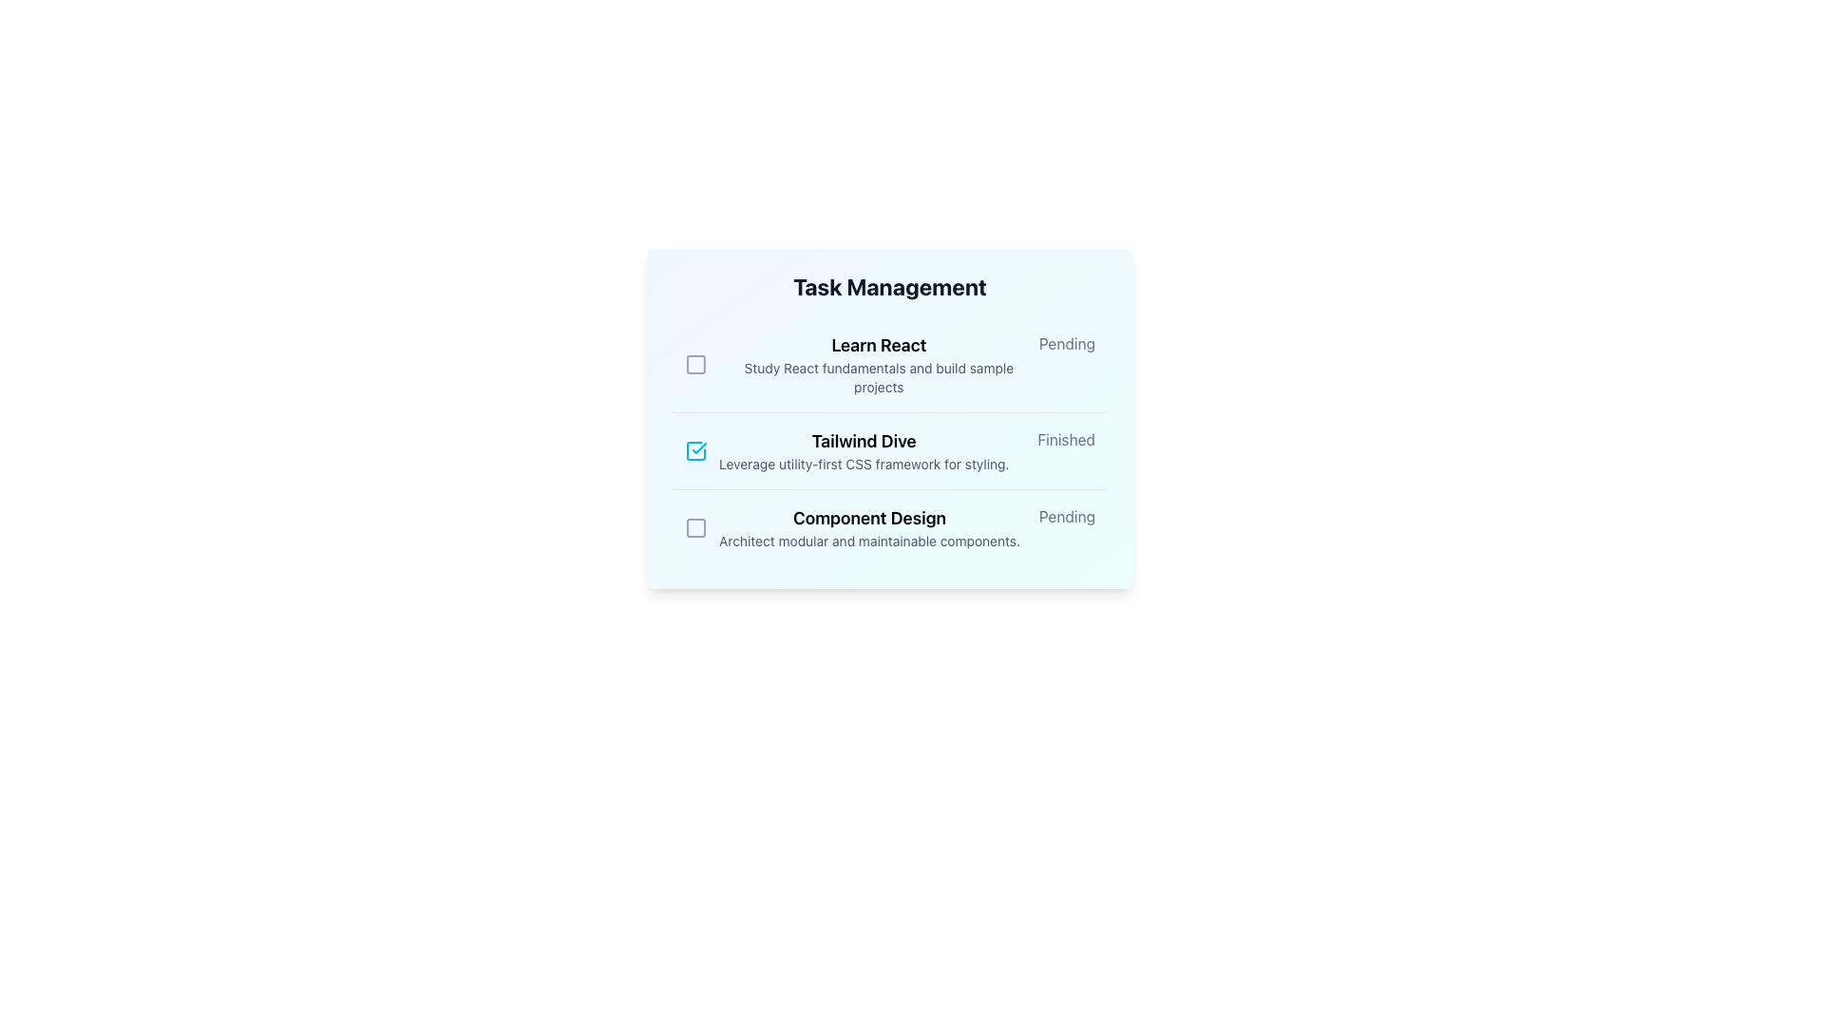 This screenshot has height=1026, width=1824. I want to click on the task item titled 'Tailwind Dive' which features a bold first line and a cyan-colored square check icon, to interact with it, so click(845, 450).